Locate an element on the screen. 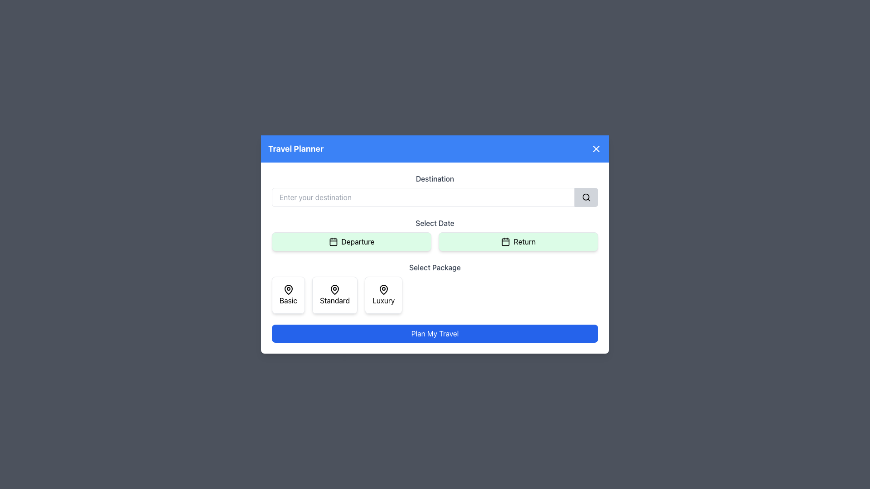  the small green rounded rectangle calendar icon located within the 'Departure' button in the 'Select Date' section of the popup is located at coordinates (333, 241).